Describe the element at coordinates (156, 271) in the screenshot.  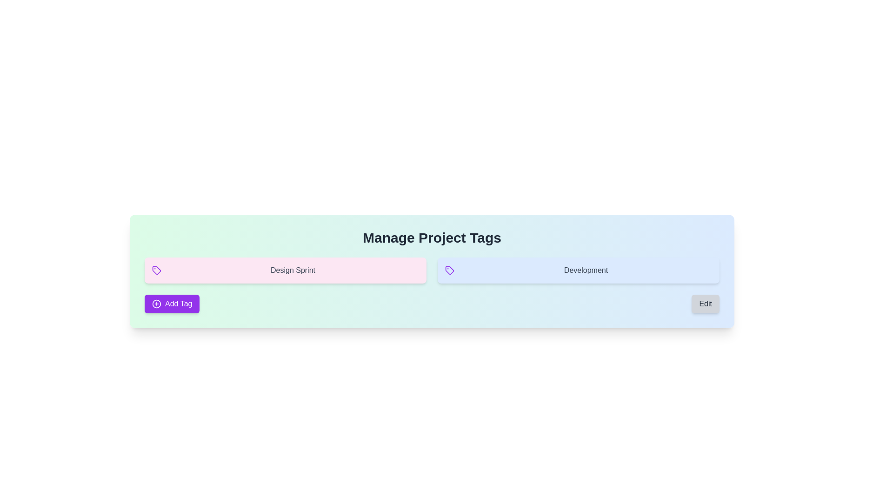
I see `the purple tag icon located to the left of the text 'Design Sprint' within the pink background section` at that location.